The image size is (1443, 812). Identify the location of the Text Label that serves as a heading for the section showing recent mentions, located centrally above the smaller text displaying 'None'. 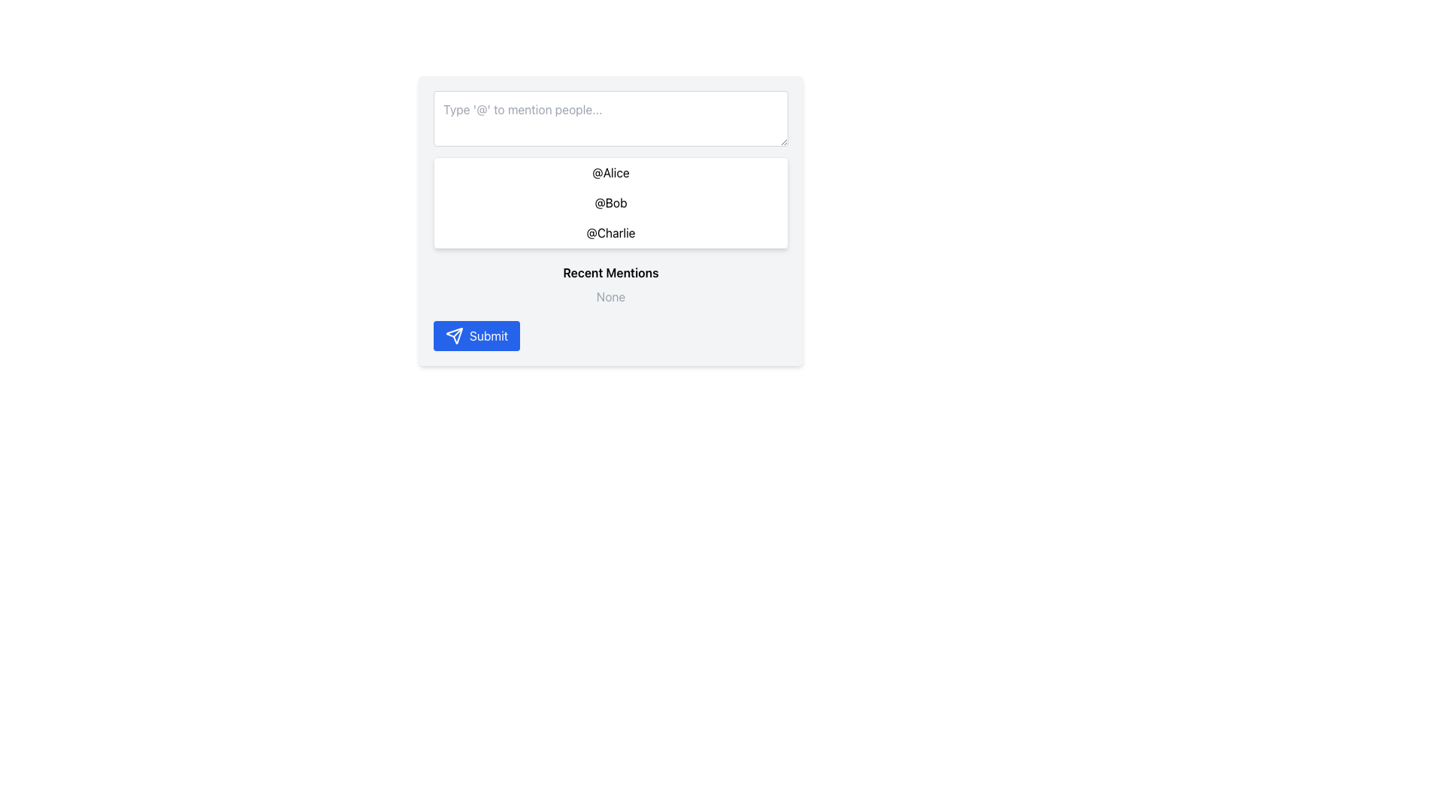
(610, 272).